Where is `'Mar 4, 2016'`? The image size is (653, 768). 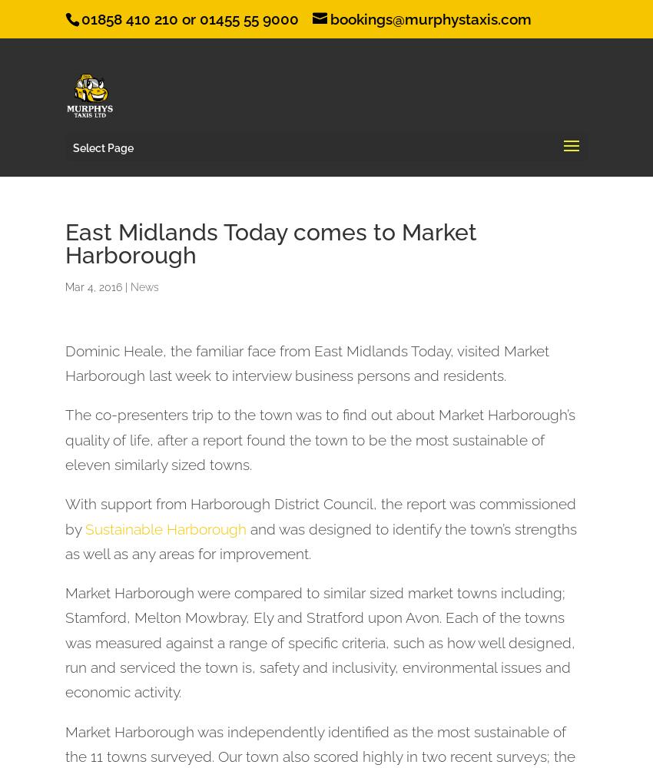
'Mar 4, 2016' is located at coordinates (92, 286).